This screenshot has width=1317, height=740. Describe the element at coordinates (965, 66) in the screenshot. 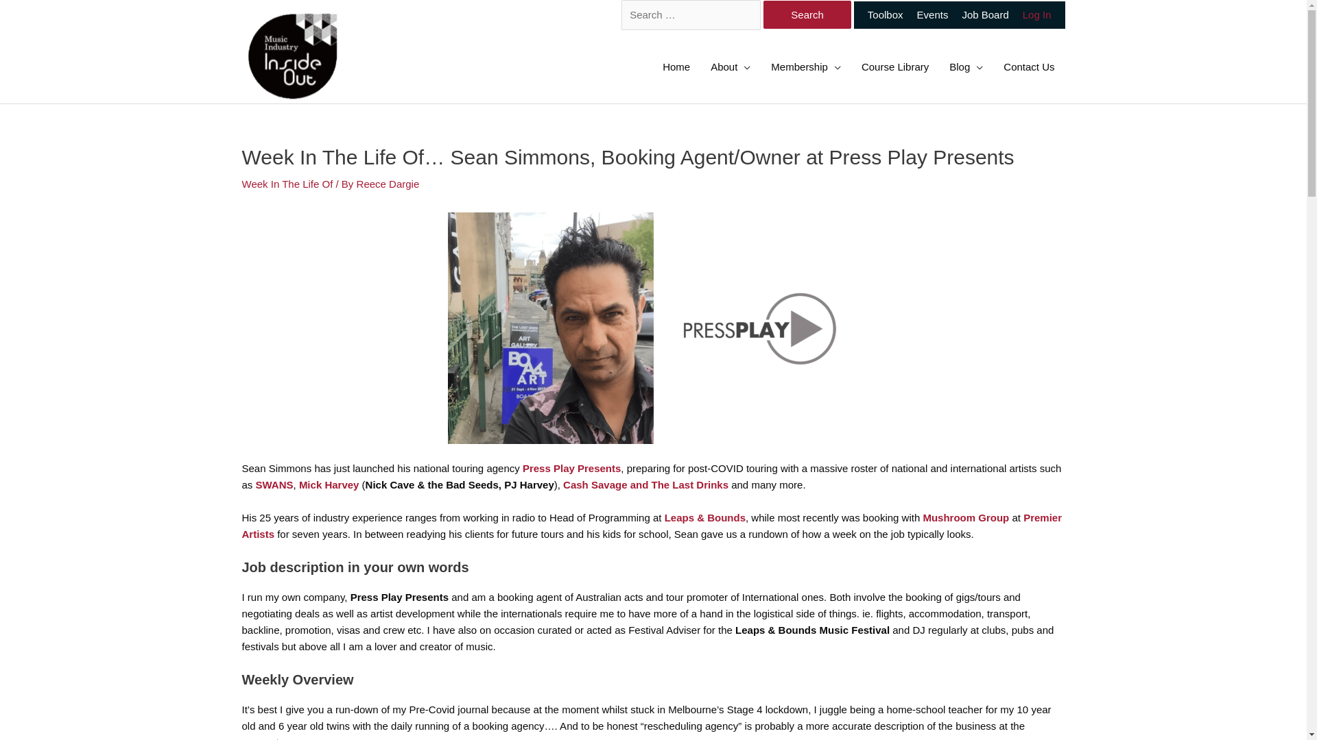

I see `'Blog'` at that location.